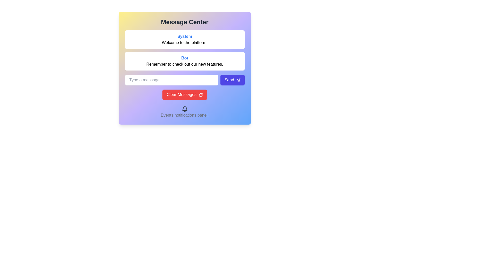 Image resolution: width=495 pixels, height=278 pixels. What do you see at coordinates (232, 80) in the screenshot?
I see `the 'Send' button, which is a rounded rectangular button with a vibrant indigo background and white text, located to the right of the 'Type a message' text input field` at bounding box center [232, 80].